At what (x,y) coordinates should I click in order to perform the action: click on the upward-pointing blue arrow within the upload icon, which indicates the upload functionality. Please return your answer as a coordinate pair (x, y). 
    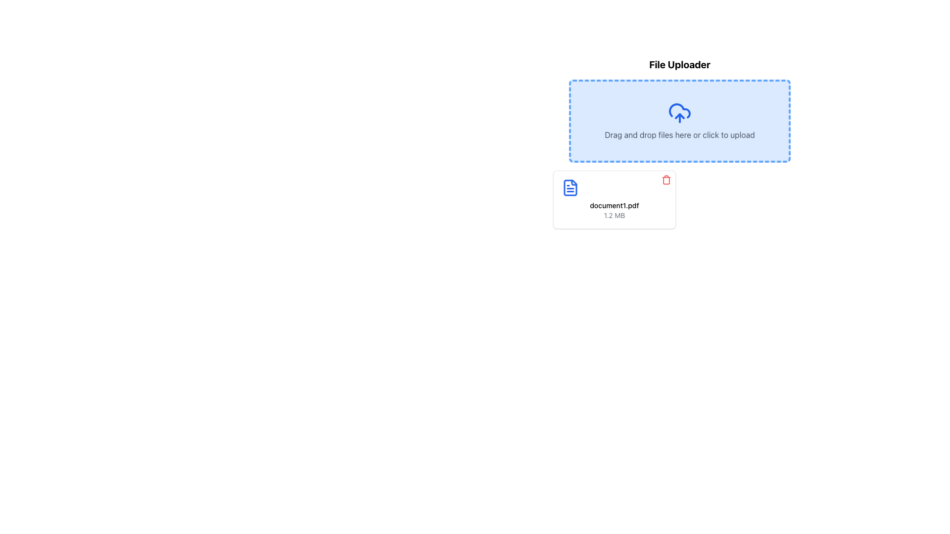
    Looking at the image, I should click on (679, 116).